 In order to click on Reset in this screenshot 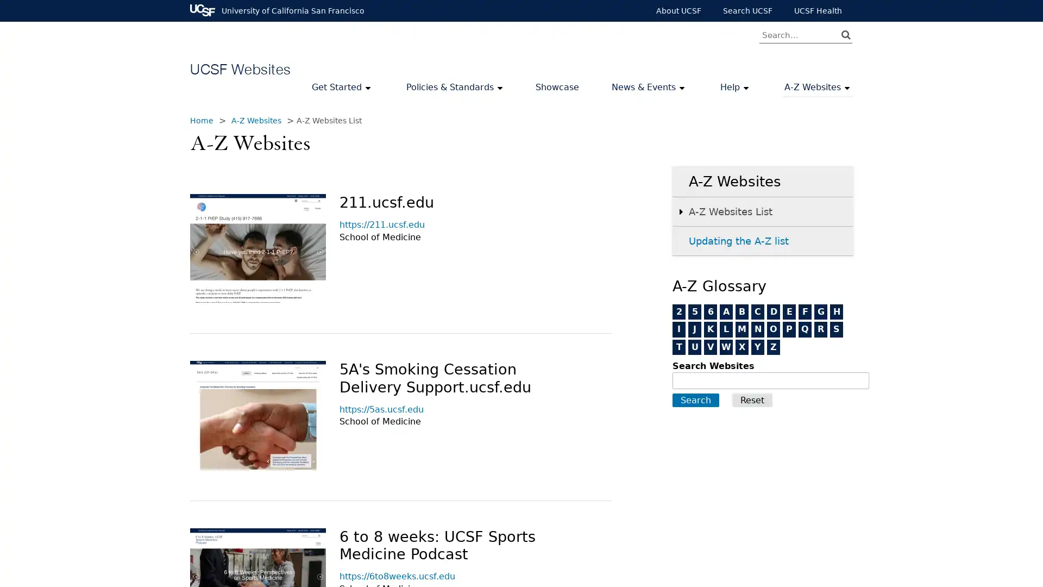, I will do `click(752, 400)`.